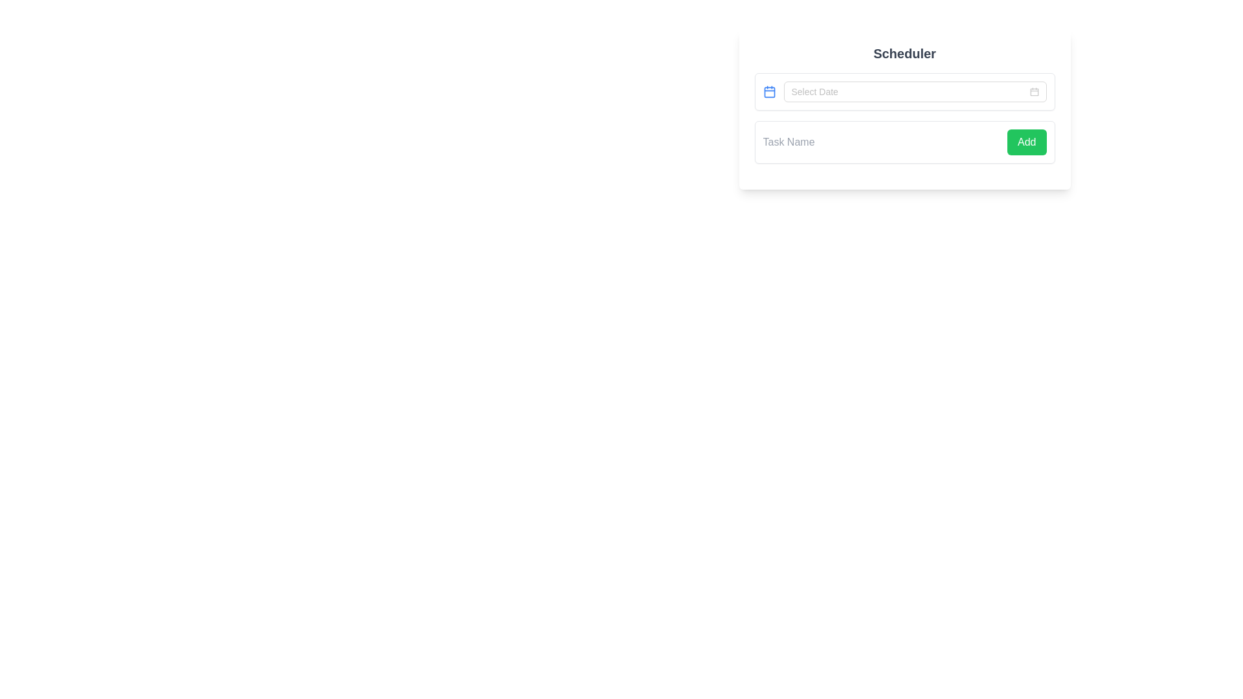 Image resolution: width=1243 pixels, height=699 pixels. Describe the element at coordinates (1033, 91) in the screenshot. I see `the small calendar icon adjacent to the 'Select Date' input field` at that location.